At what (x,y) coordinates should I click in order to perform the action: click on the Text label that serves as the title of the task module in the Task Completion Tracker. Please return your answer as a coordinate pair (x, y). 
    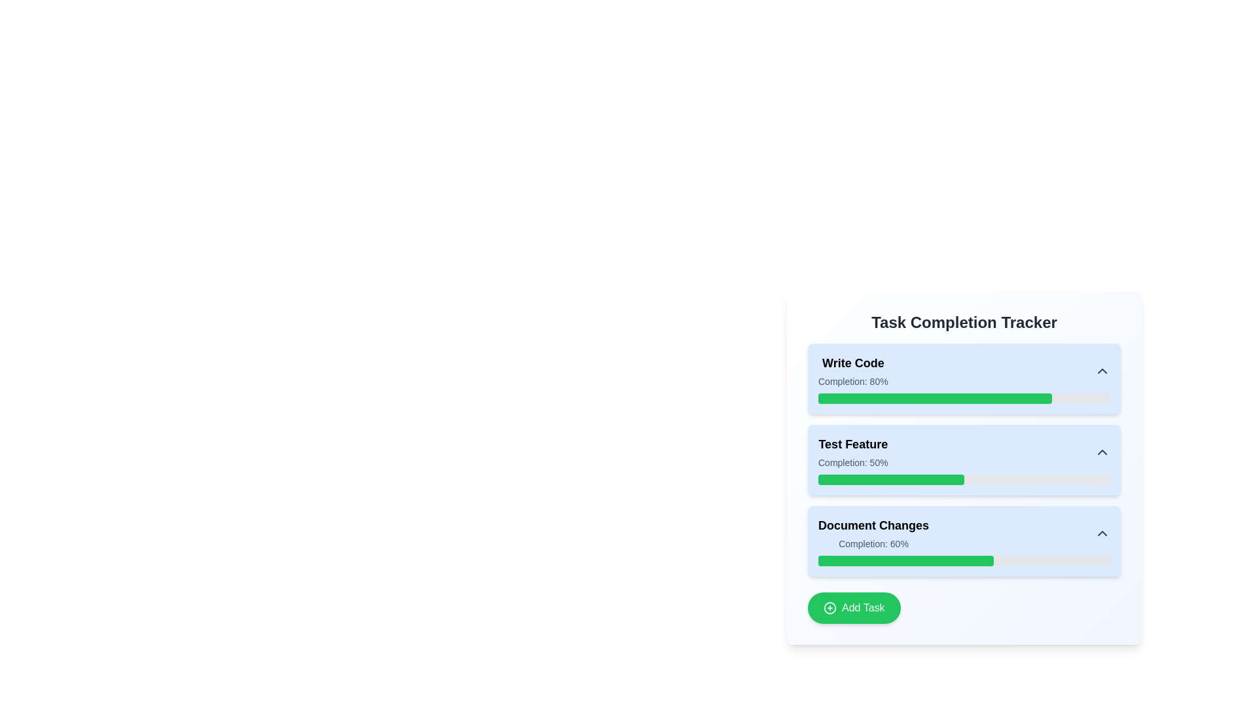
    Looking at the image, I should click on (853, 363).